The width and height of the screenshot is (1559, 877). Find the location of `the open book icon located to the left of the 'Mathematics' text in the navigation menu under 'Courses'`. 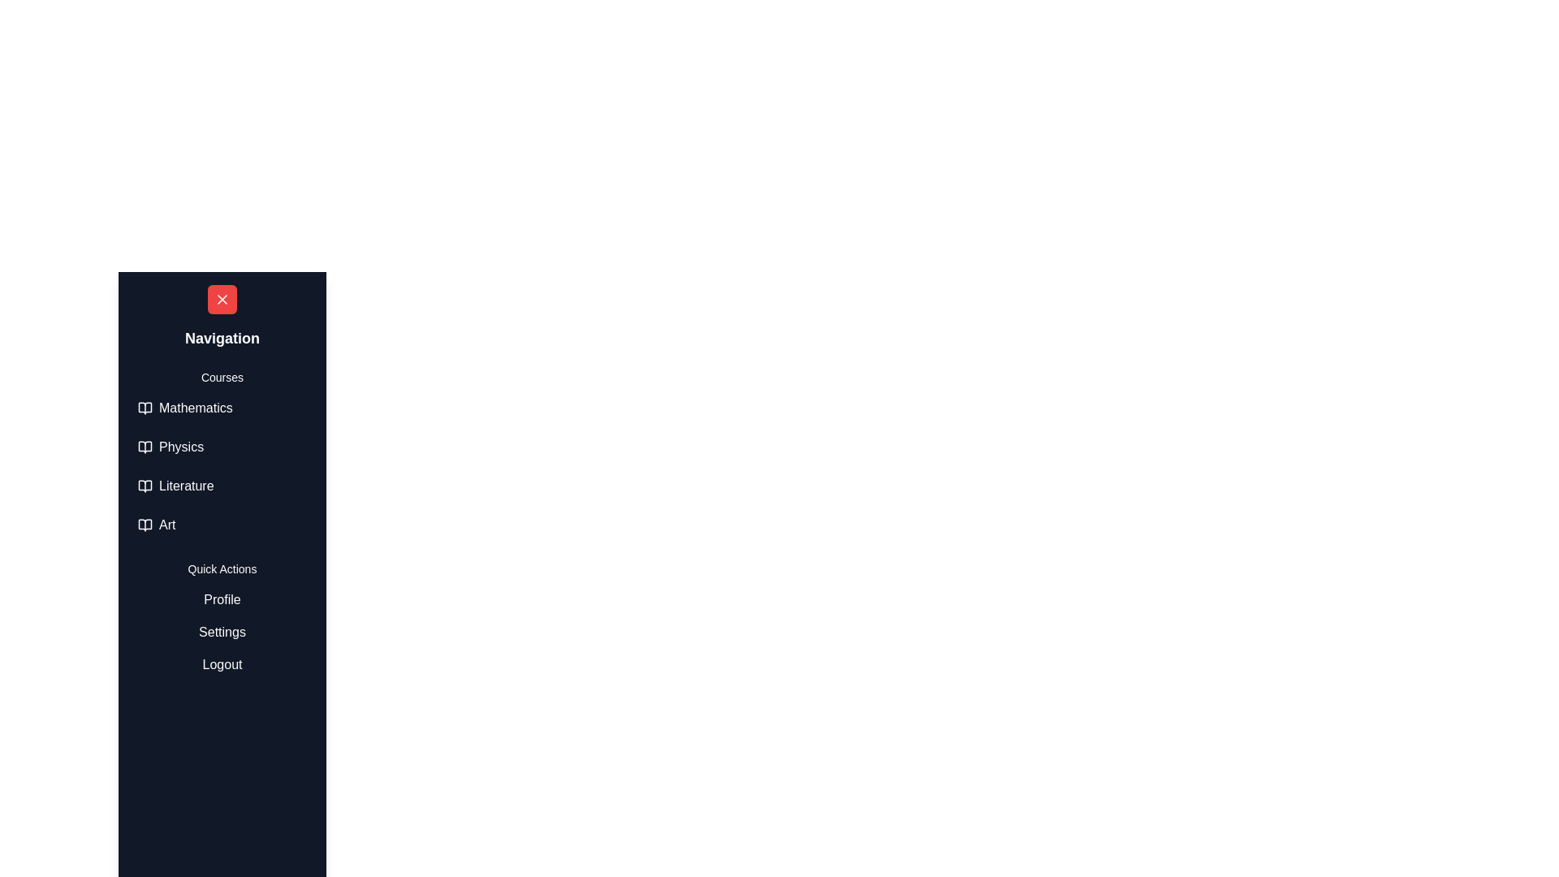

the open book icon located to the left of the 'Mathematics' text in the navigation menu under 'Courses' is located at coordinates (145, 407).